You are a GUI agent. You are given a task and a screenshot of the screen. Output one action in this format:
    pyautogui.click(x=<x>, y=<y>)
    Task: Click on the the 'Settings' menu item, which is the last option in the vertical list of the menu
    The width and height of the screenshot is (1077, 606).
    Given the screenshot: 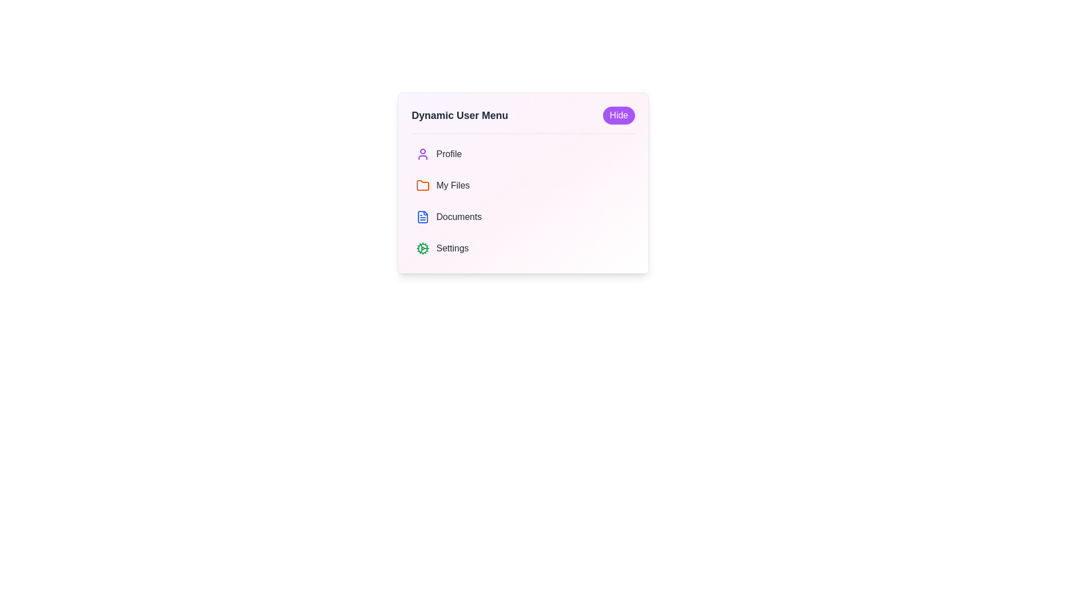 What is the action you would take?
    pyautogui.click(x=522, y=248)
    